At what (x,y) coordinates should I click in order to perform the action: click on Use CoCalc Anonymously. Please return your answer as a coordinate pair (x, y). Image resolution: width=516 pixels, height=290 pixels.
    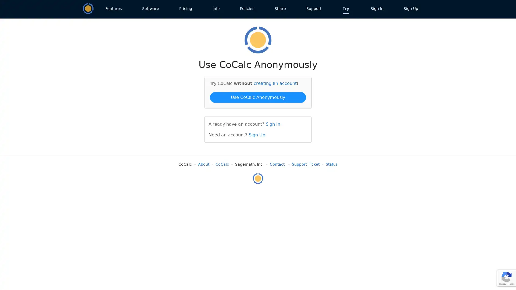
    Looking at the image, I should click on (258, 97).